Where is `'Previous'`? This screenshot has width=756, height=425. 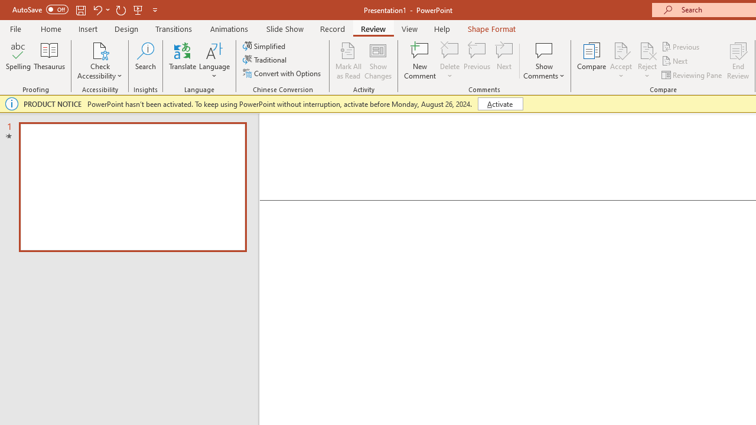
'Previous' is located at coordinates (681, 46).